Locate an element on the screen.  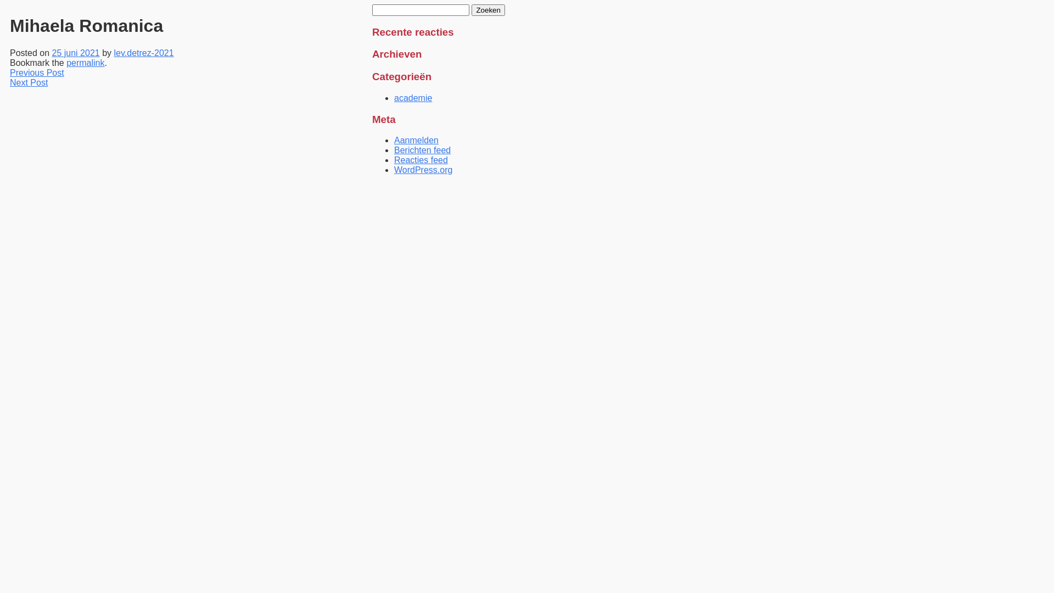
'25 juni 2021' is located at coordinates (75, 53).